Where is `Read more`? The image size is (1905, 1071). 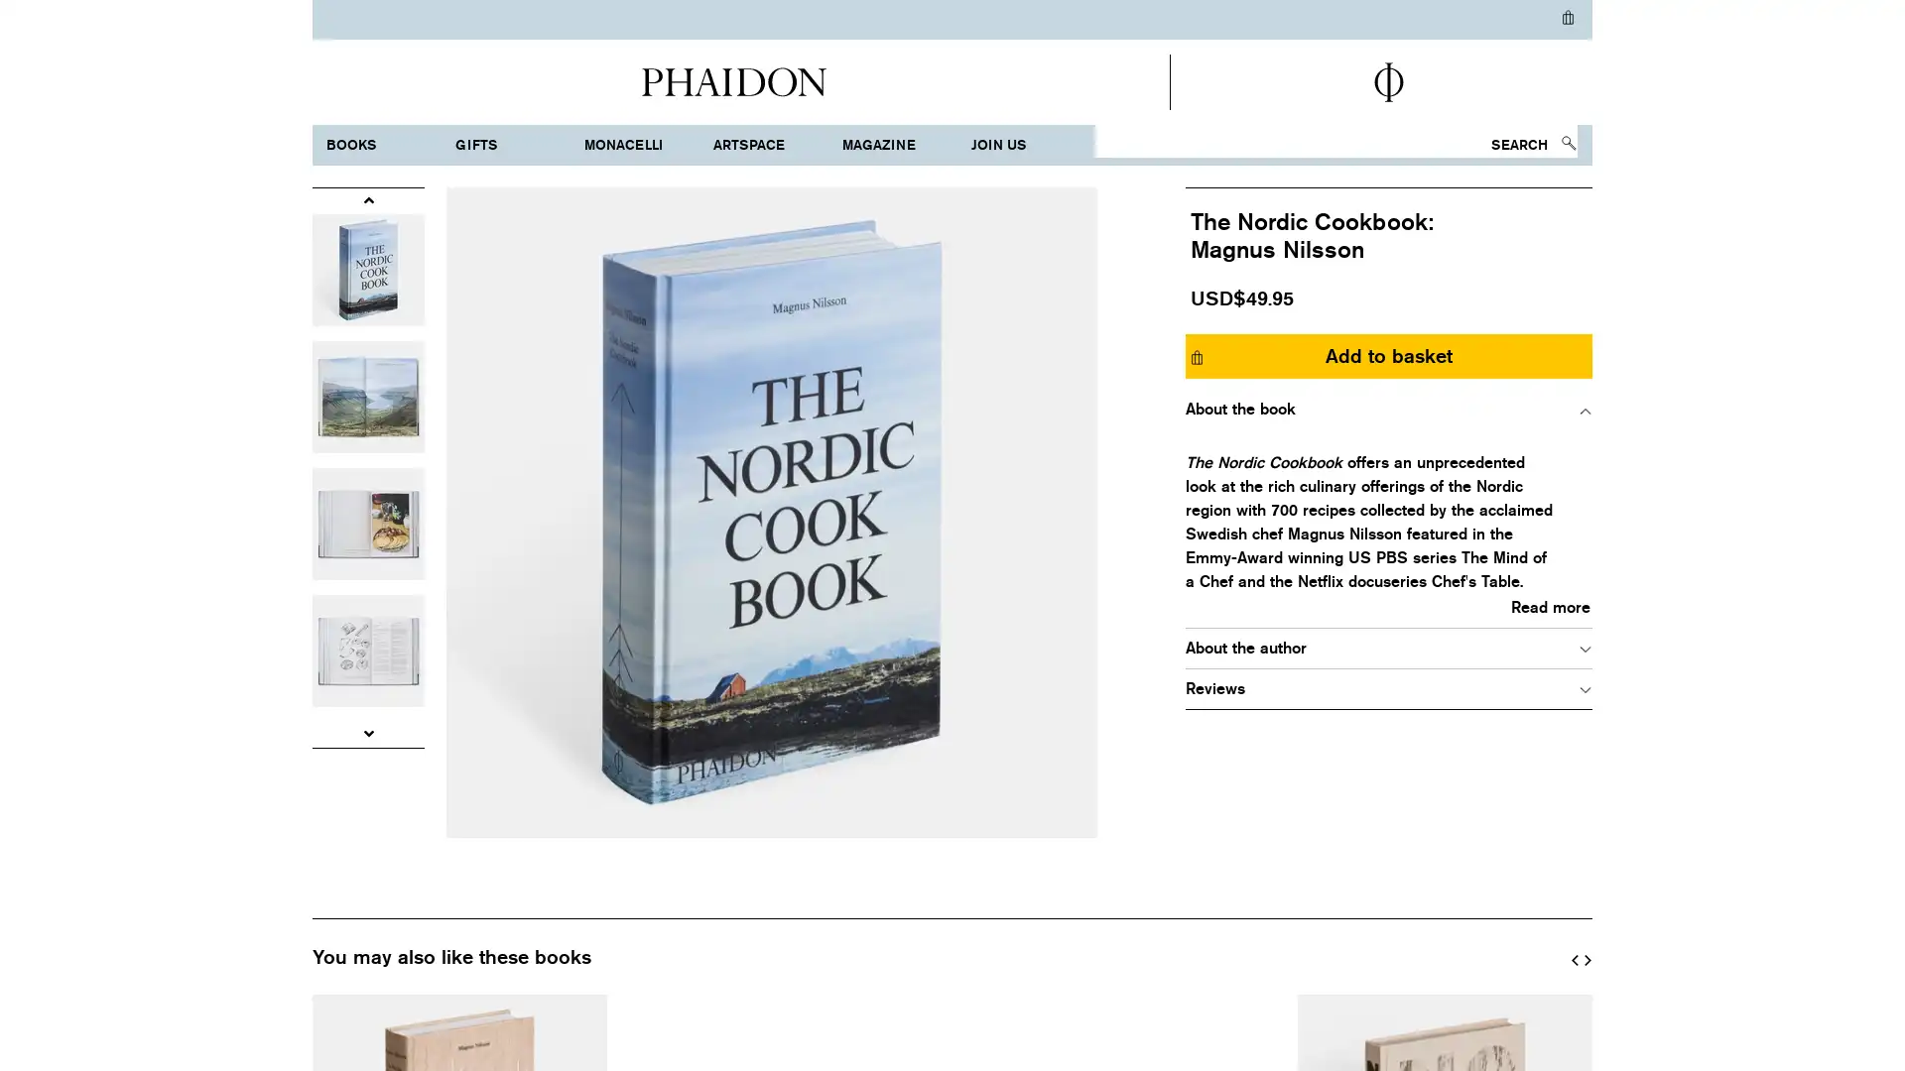
Read more is located at coordinates (1388, 606).